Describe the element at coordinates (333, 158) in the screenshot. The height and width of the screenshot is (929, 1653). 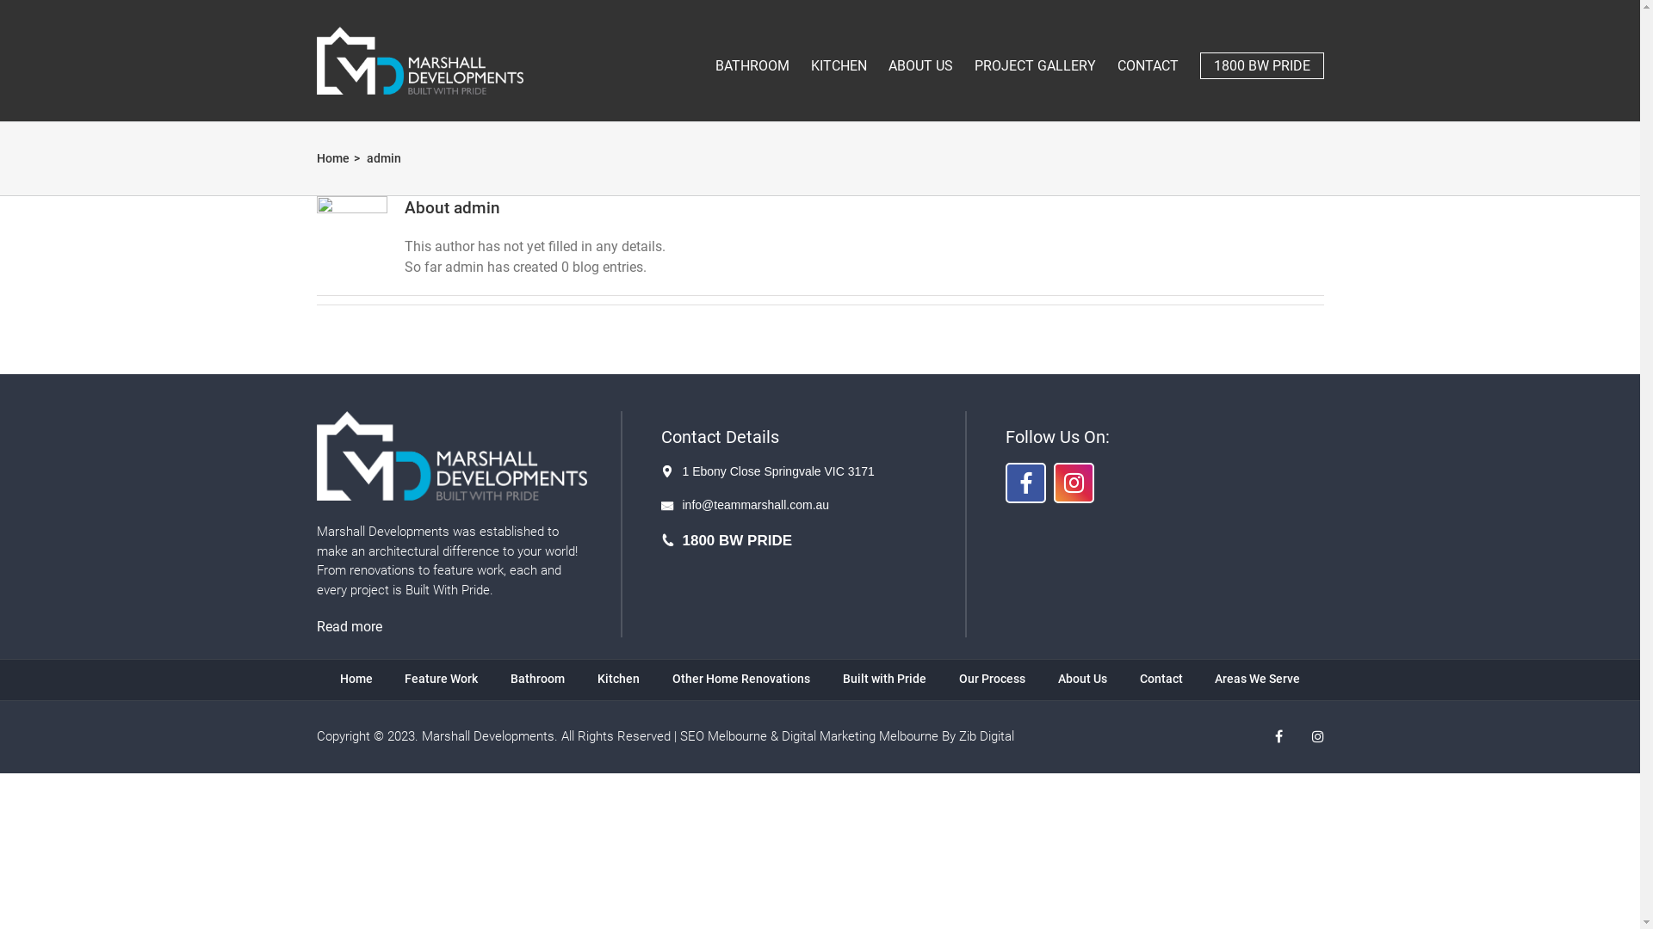
I see `'Home'` at that location.